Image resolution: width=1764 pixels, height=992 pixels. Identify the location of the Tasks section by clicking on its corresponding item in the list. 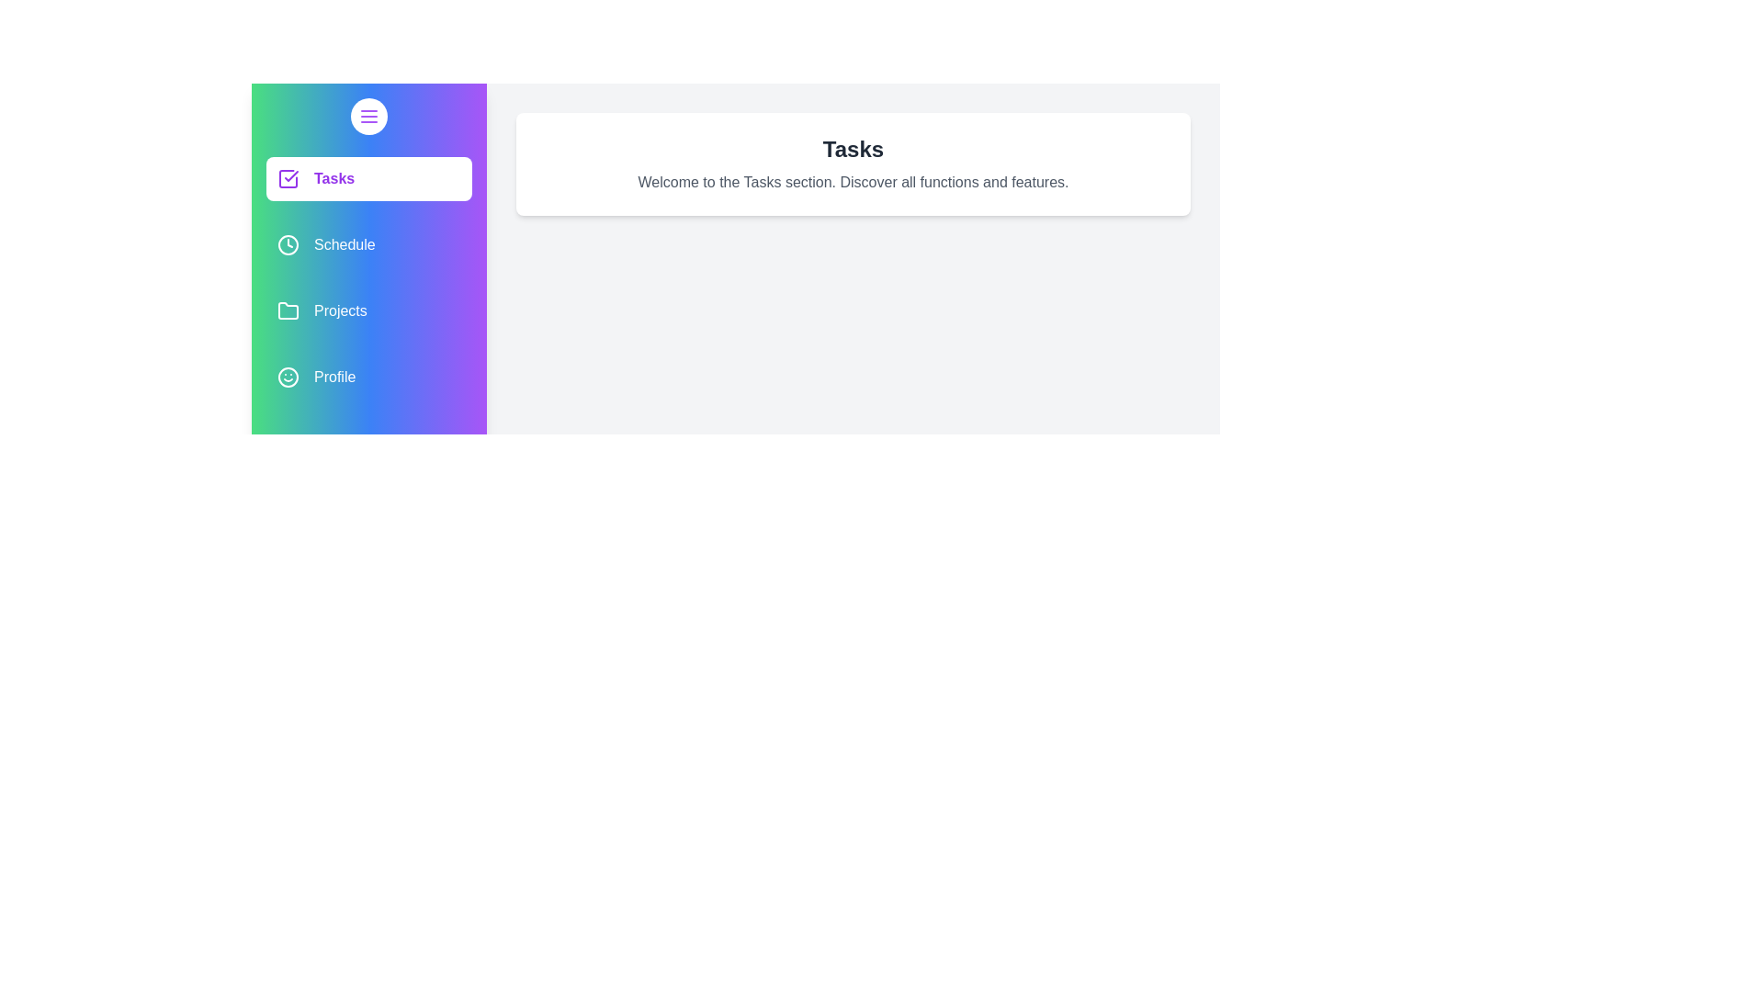
(368, 179).